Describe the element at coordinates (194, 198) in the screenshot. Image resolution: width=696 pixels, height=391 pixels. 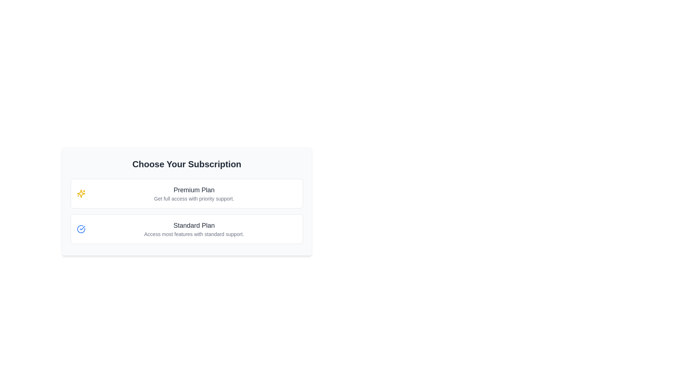
I see `text label that says 'Get full access with priority support.', which is located below the 'Premium Plan' title and styled in gray color` at that location.